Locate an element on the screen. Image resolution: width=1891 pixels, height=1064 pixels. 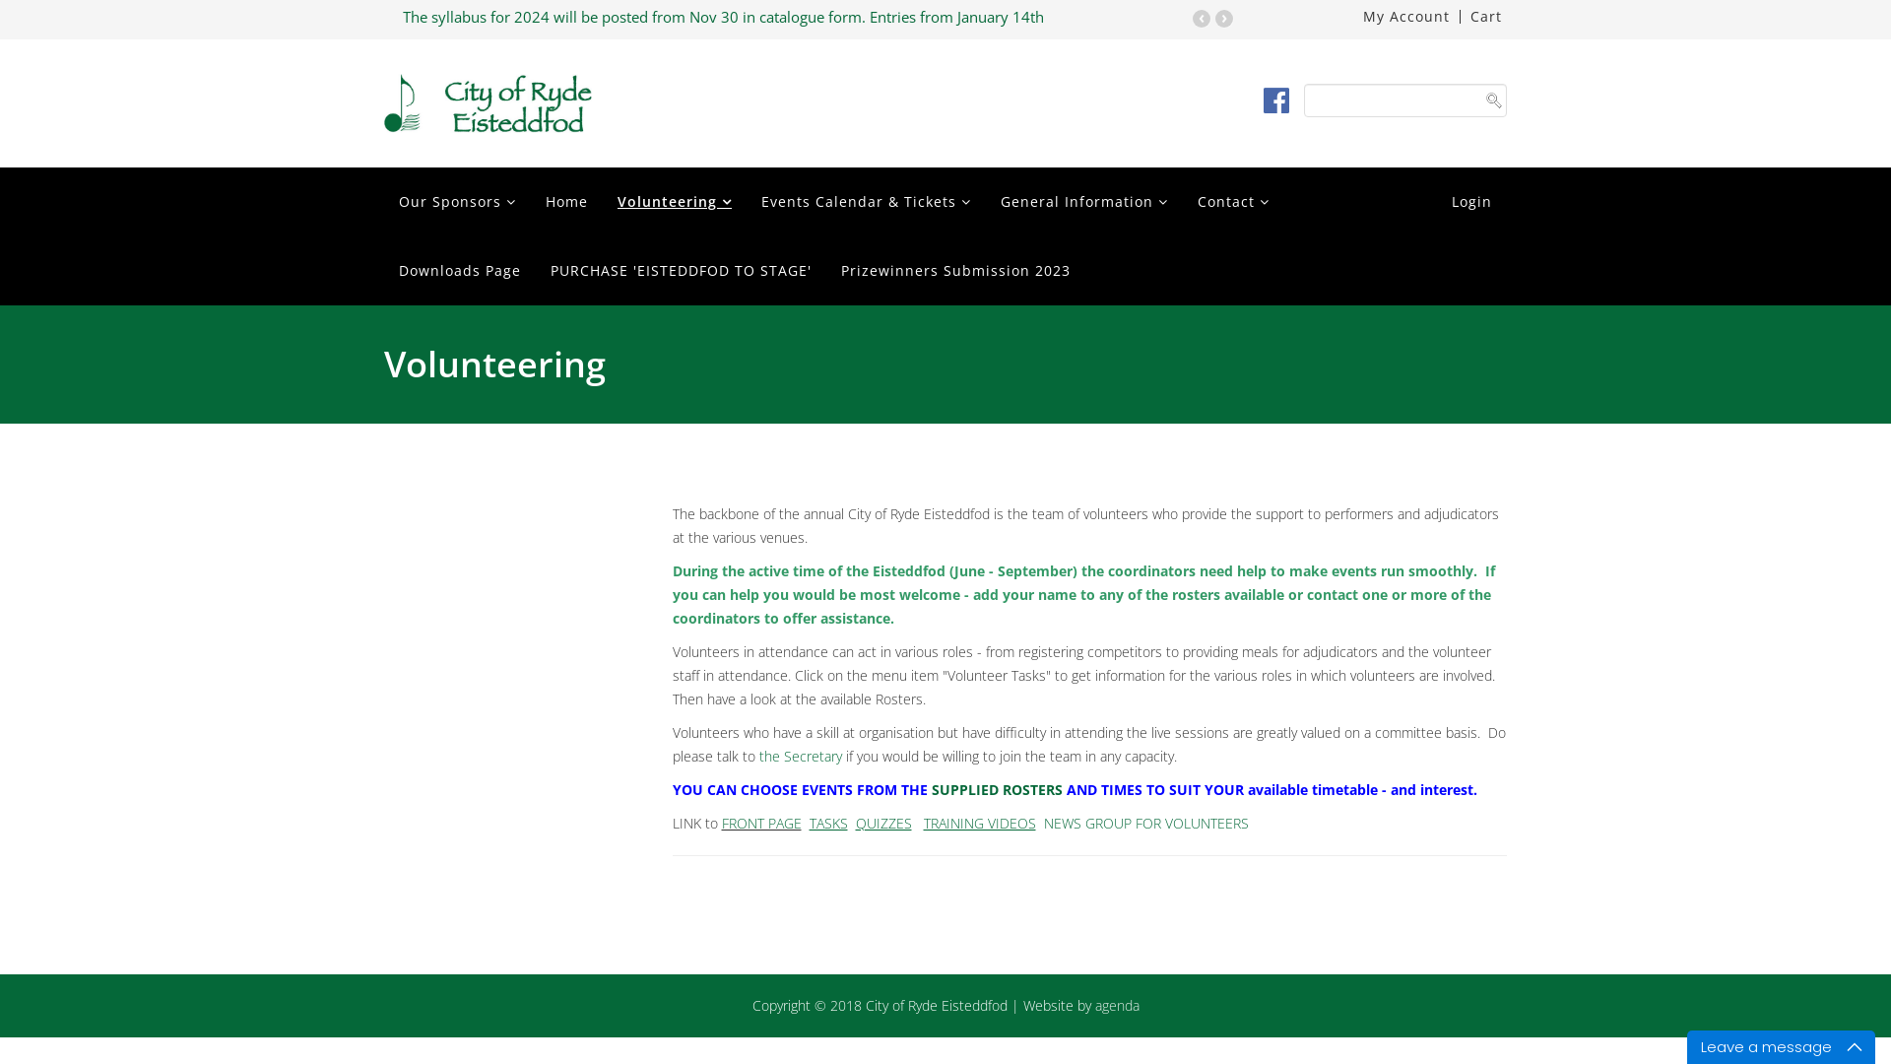
'the Secretary' is located at coordinates (756, 755).